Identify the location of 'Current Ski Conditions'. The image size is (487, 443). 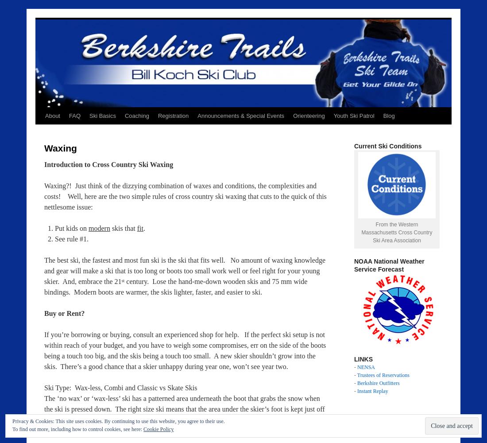
(387, 146).